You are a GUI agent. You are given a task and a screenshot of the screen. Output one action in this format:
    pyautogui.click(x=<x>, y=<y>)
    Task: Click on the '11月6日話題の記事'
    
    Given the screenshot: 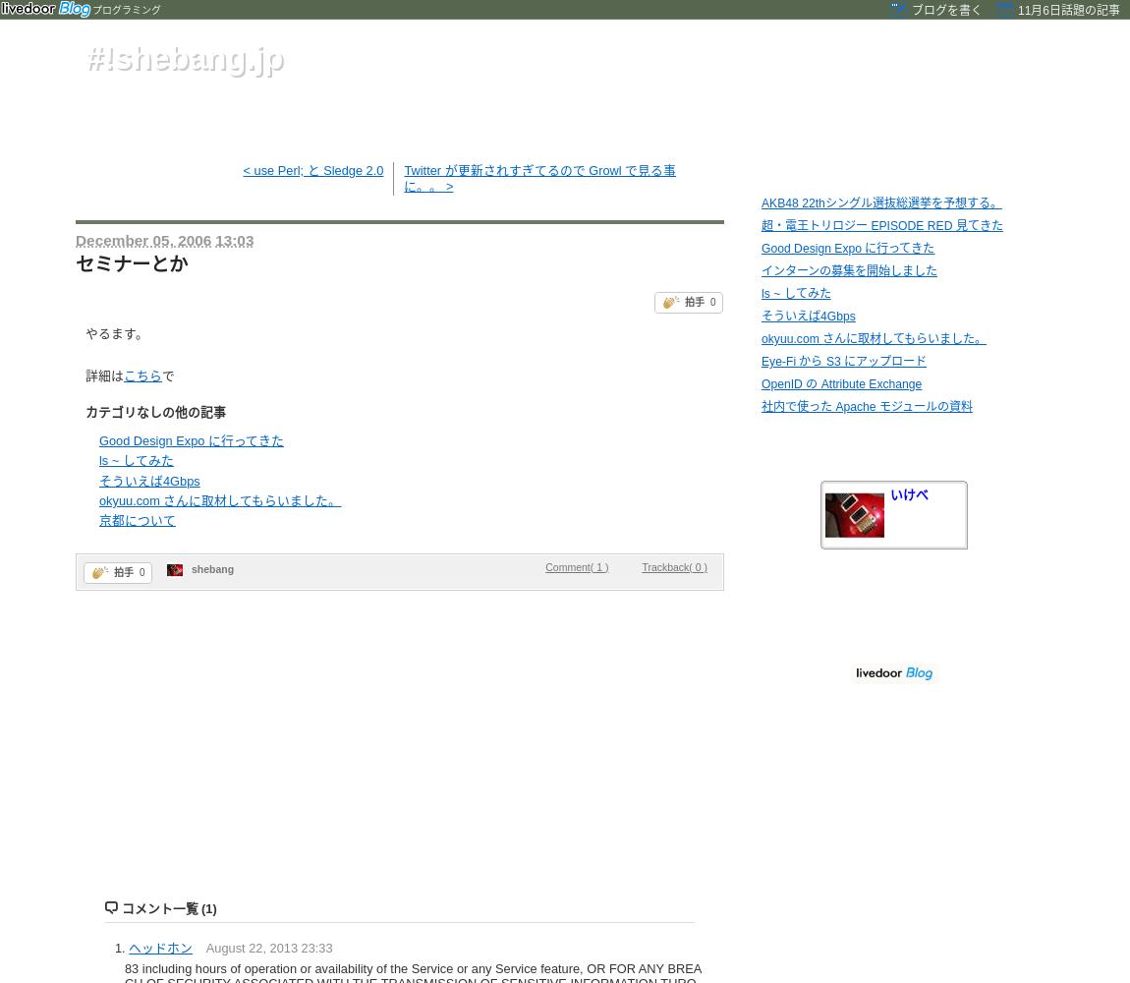 What is the action you would take?
    pyautogui.click(x=1067, y=11)
    